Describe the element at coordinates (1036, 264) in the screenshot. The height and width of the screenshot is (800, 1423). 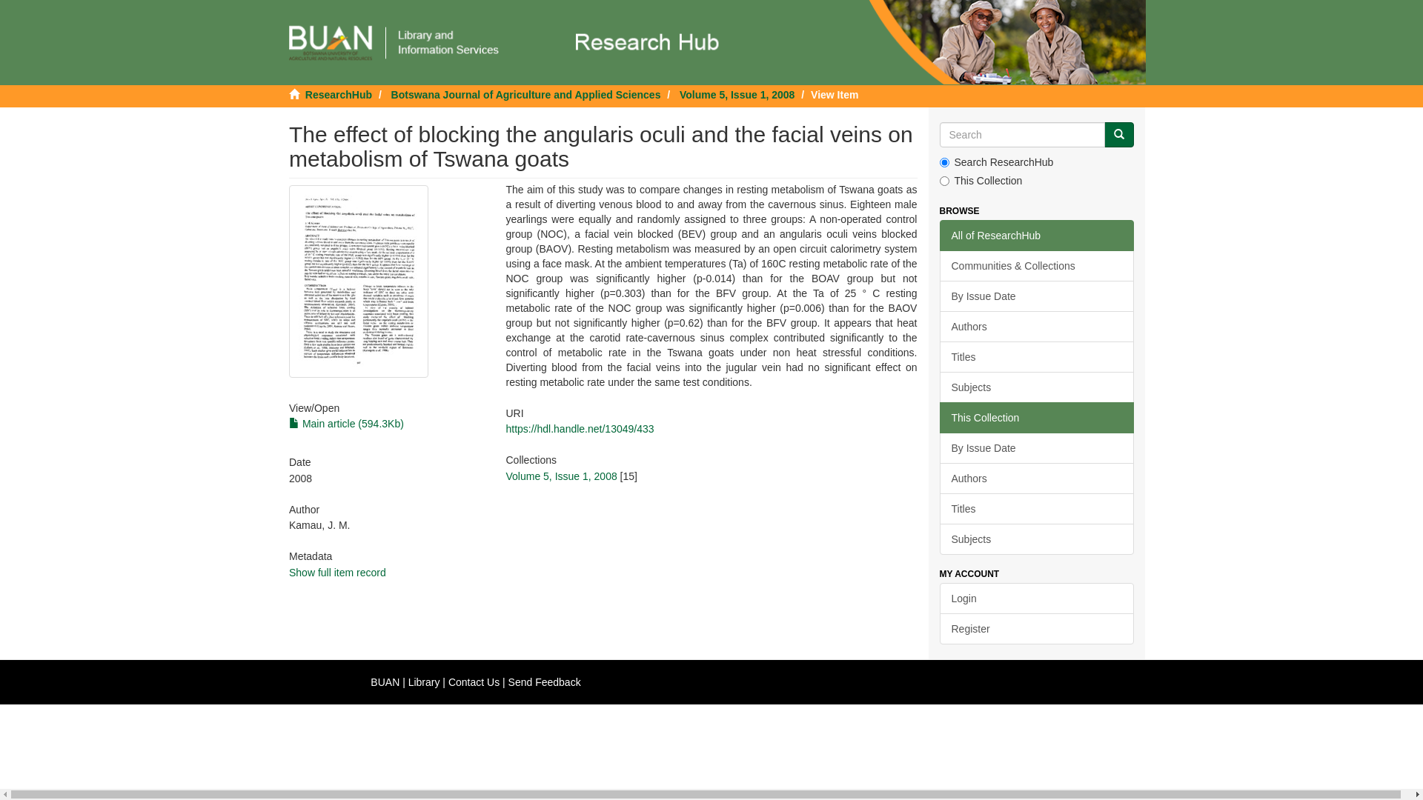
I see `'Communities & Collections'` at that location.